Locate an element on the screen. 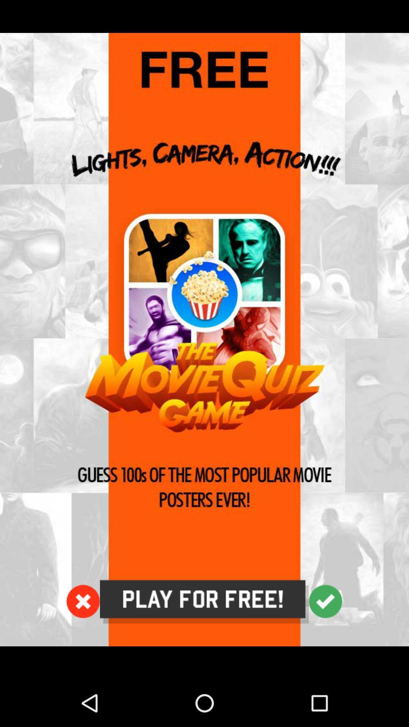 The image size is (409, 727). icon at the bottom left corner is located at coordinates (83, 601).